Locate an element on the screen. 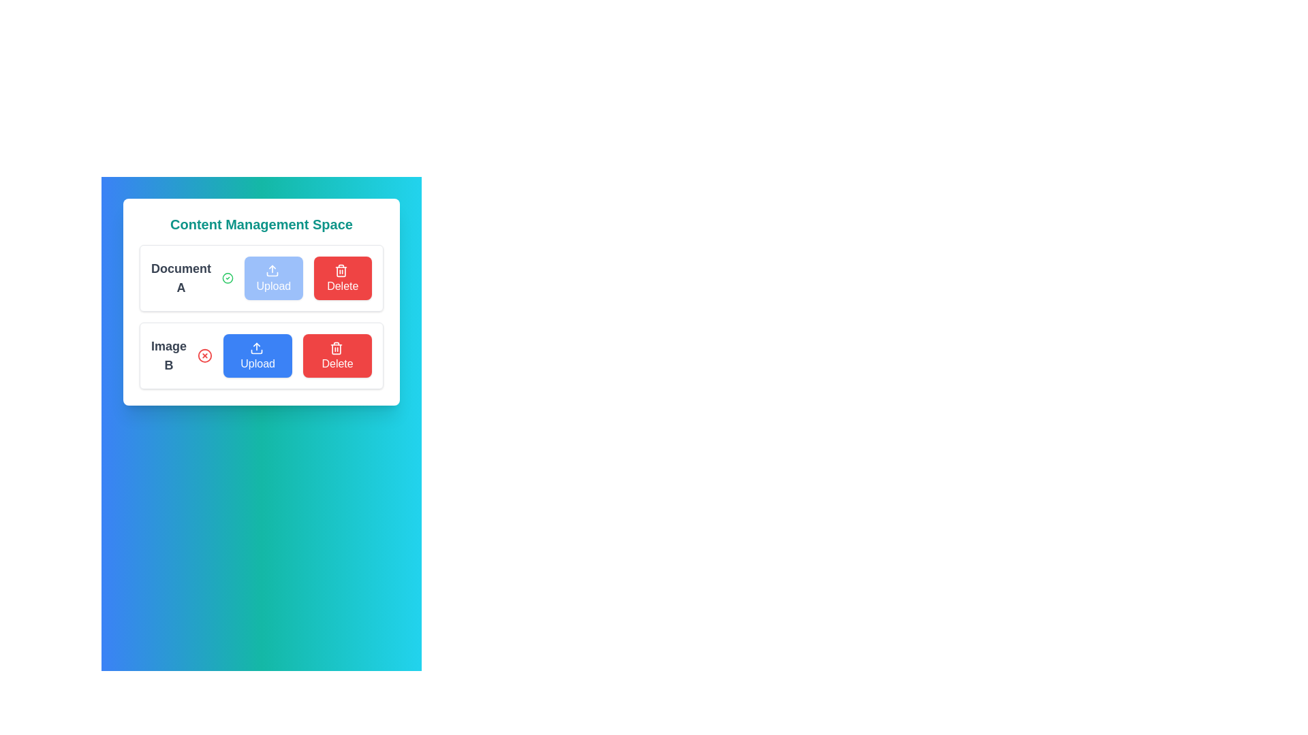 The height and width of the screenshot is (735, 1308). the 'Upload' button, which has a blue background, white text, and rounded corners, positioned in the middle of a horizontal row within the 'Document A' box is located at coordinates (262, 277).